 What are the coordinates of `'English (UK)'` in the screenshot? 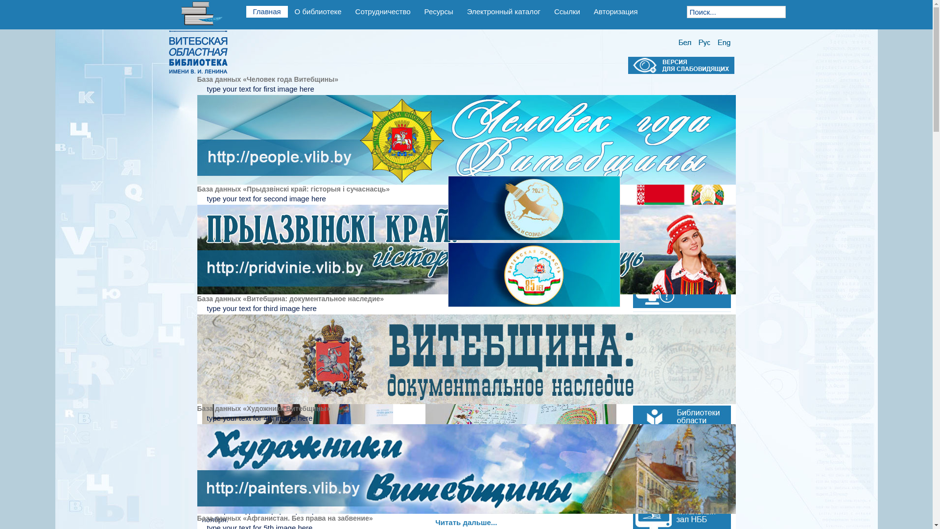 It's located at (724, 43).